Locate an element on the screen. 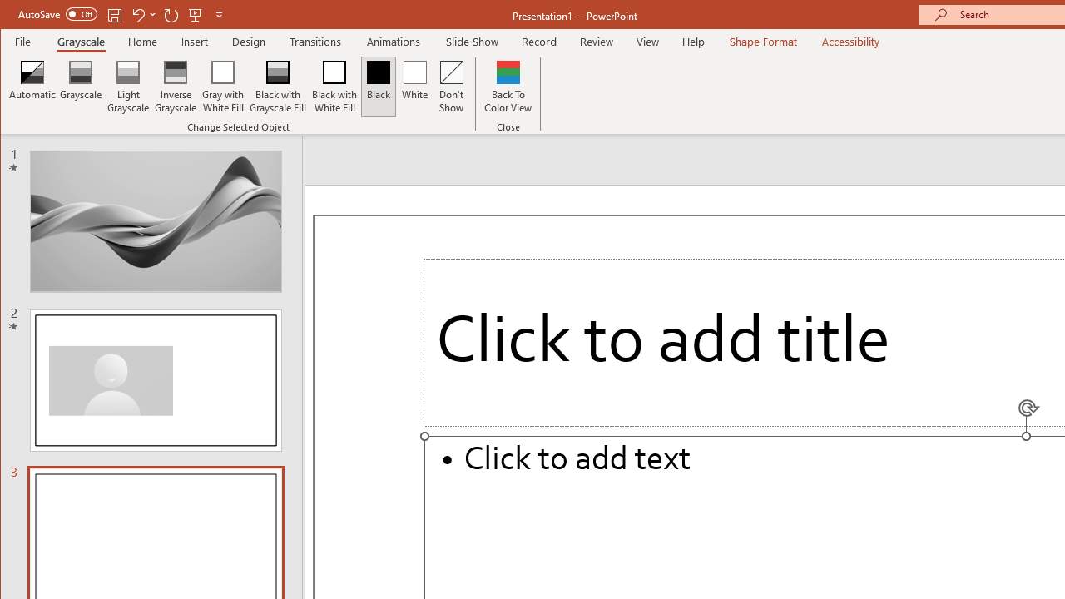 The height and width of the screenshot is (599, 1065). 'Undo' is located at coordinates (143, 14).